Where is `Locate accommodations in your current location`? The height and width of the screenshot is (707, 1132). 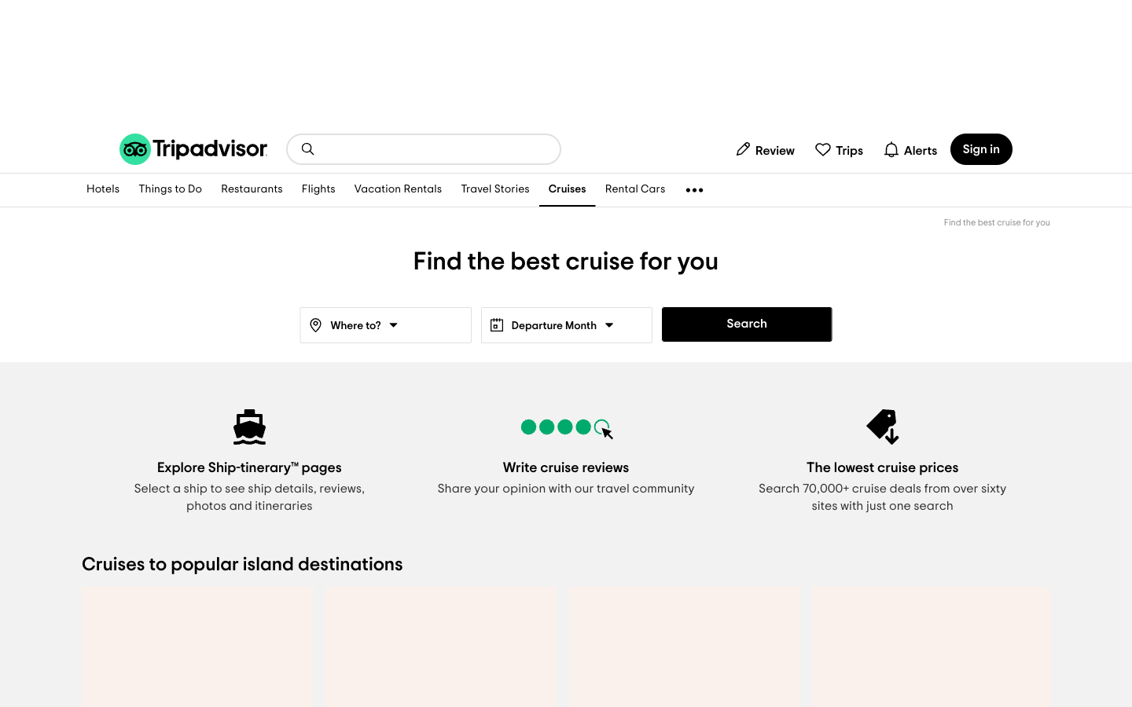
Locate accommodations in your current location is located at coordinates (102, 189).